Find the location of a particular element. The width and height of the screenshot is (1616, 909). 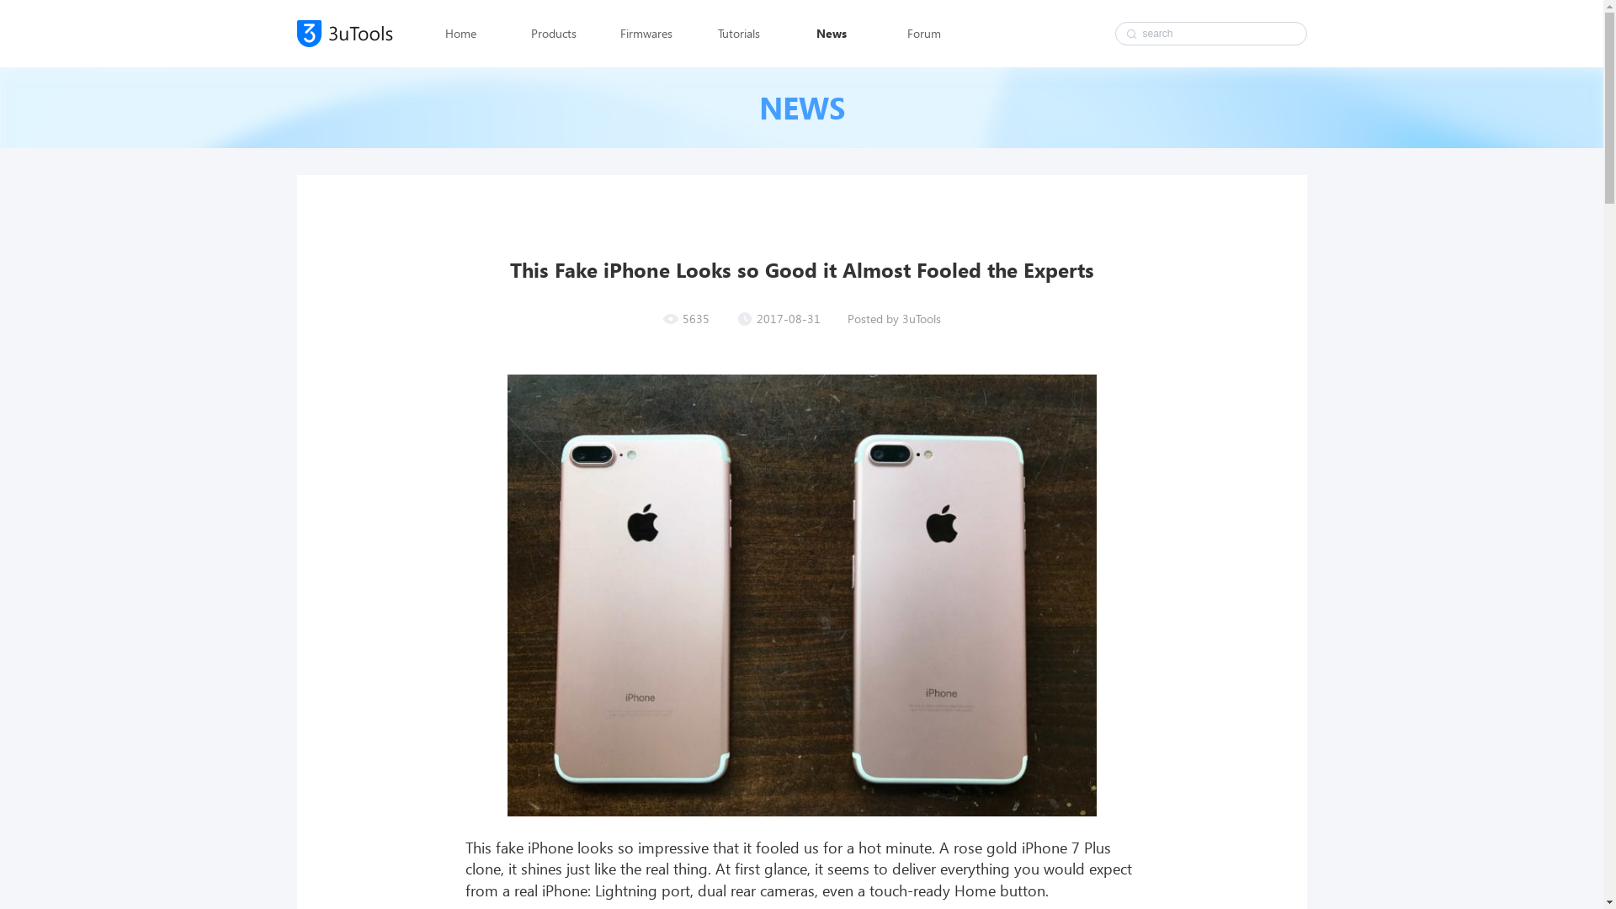

'Home' is located at coordinates (431, 33).